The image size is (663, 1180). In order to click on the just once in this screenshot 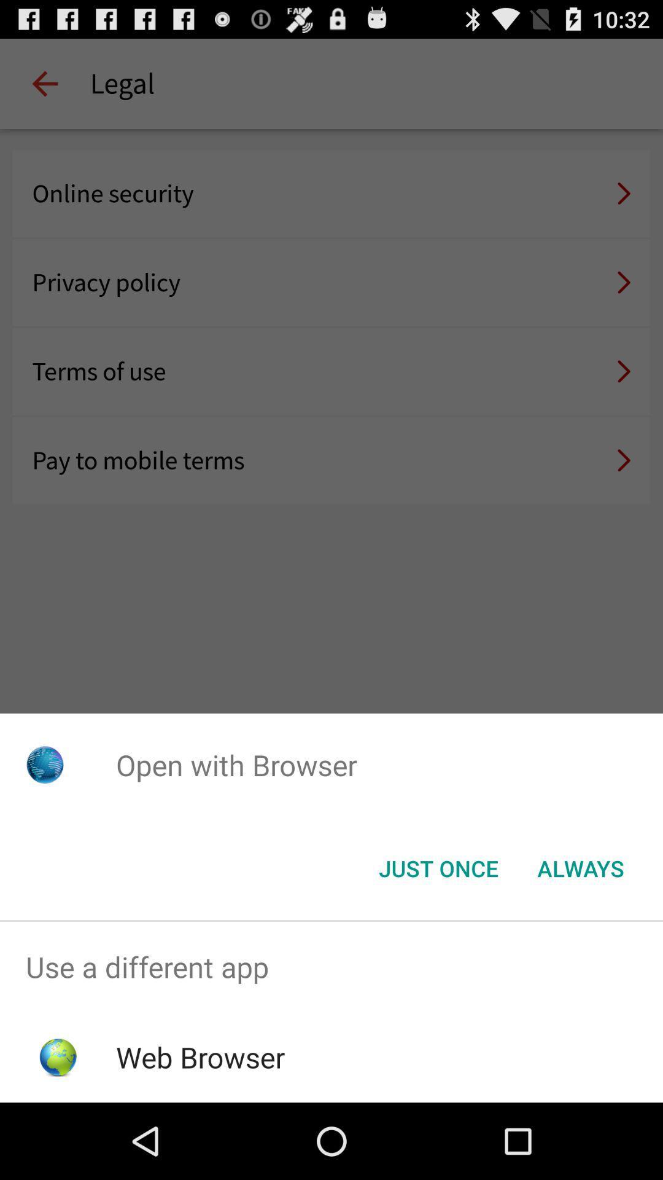, I will do `click(438, 867)`.